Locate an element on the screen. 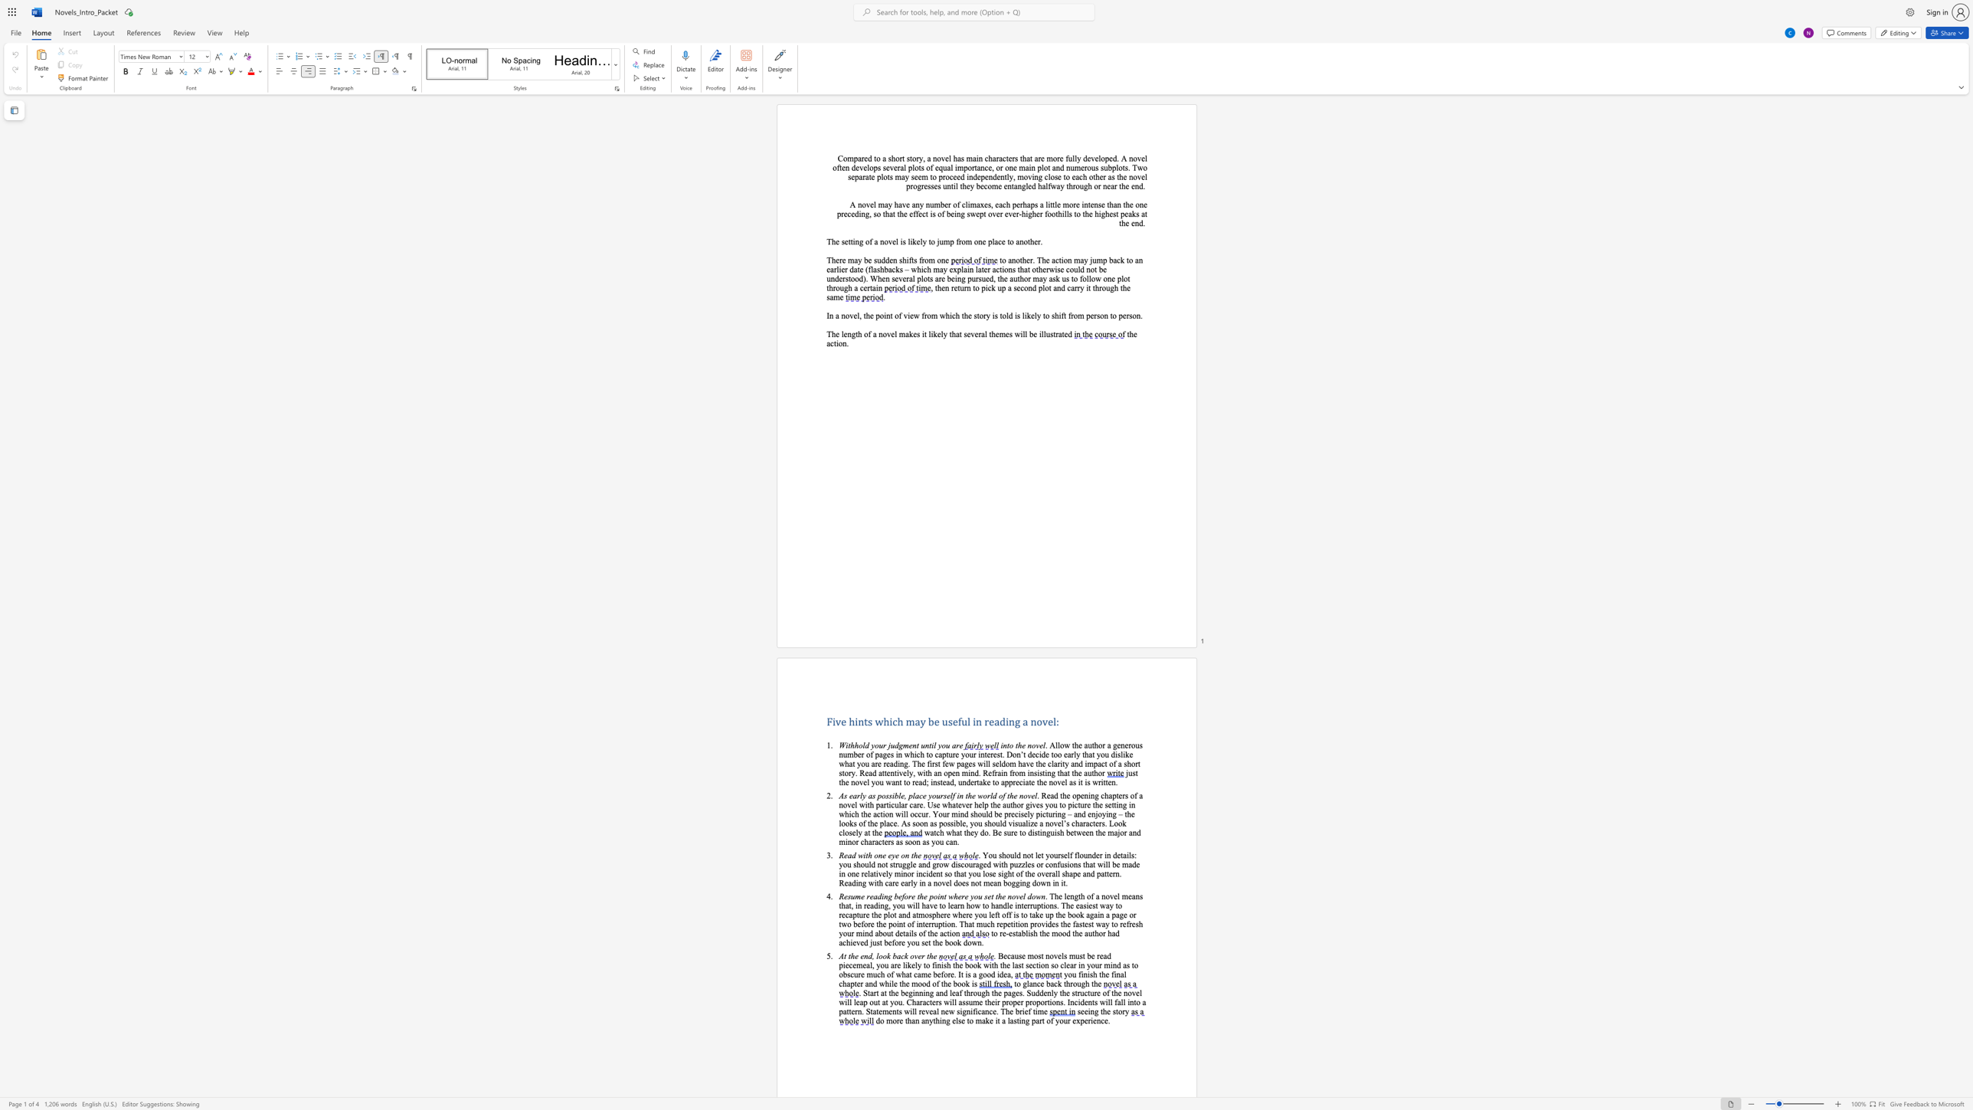 The width and height of the screenshot is (1973, 1110). the subset text "rself in" within the text "As early as possible, place yourself in the world of the novel" is located at coordinates (940, 795).